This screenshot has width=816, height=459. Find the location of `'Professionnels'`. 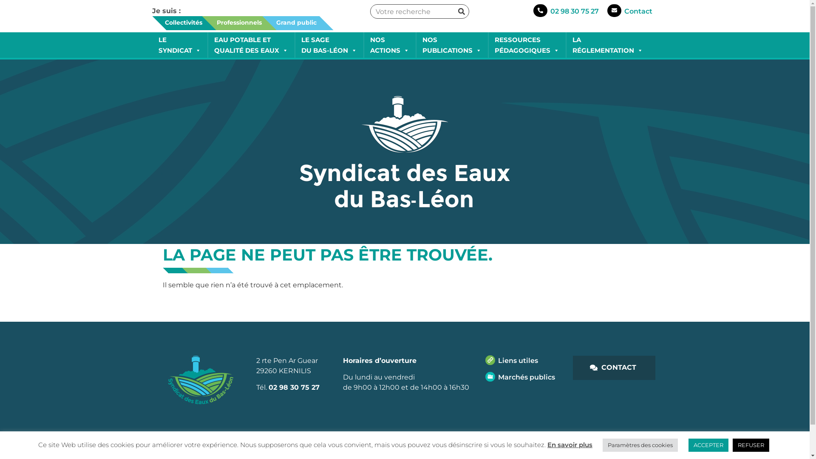

'Professionnels' is located at coordinates (232, 21).